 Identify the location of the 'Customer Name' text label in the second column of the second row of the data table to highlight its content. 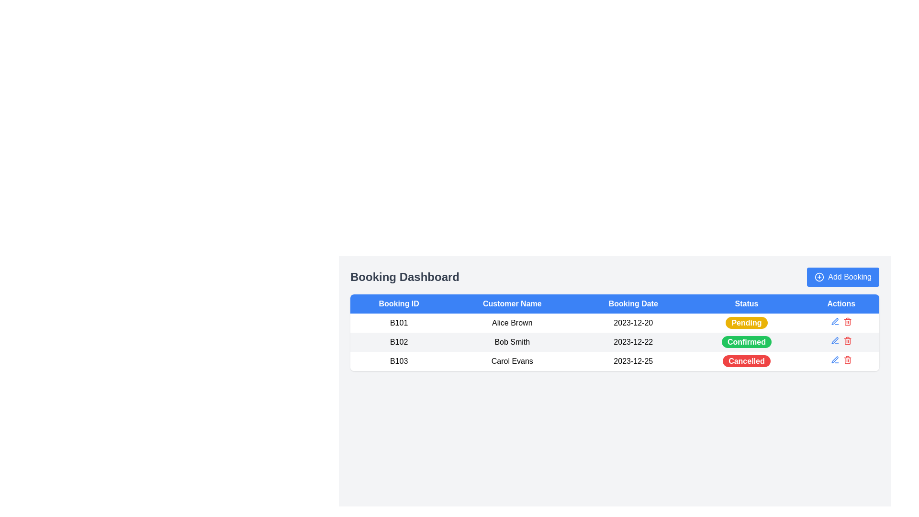
(512, 341).